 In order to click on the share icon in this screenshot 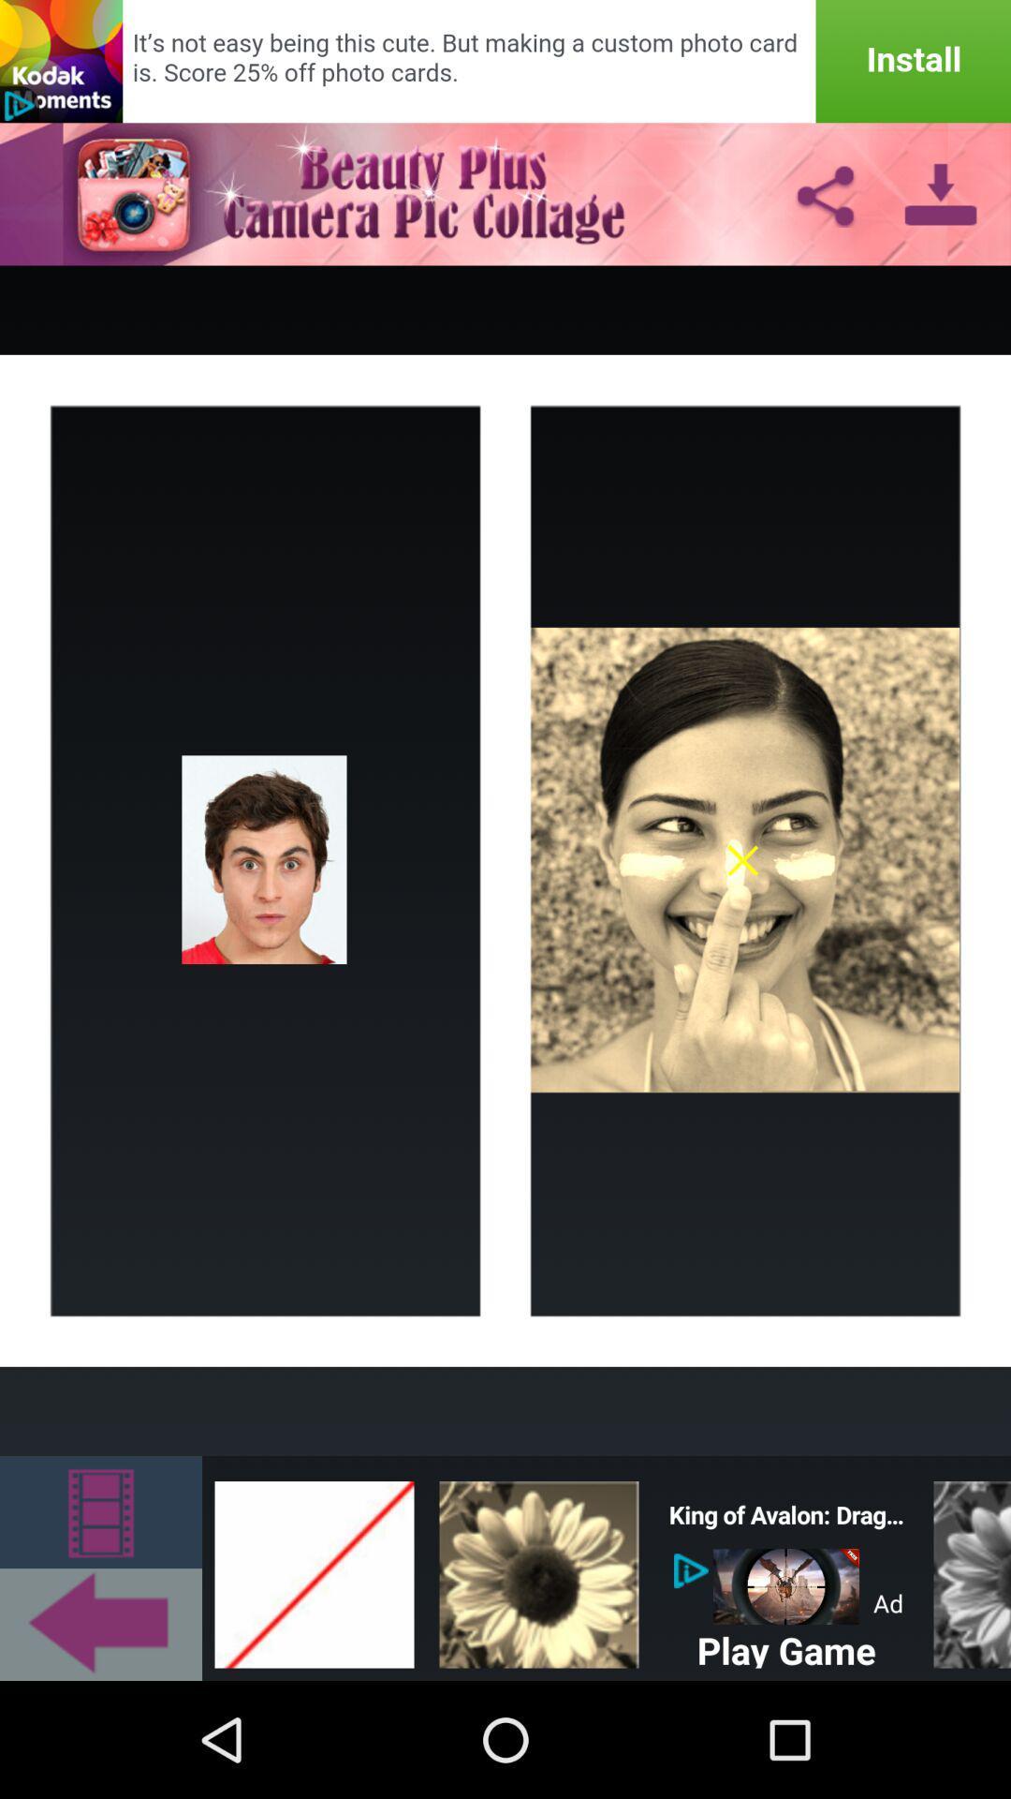, I will do `click(824, 207)`.